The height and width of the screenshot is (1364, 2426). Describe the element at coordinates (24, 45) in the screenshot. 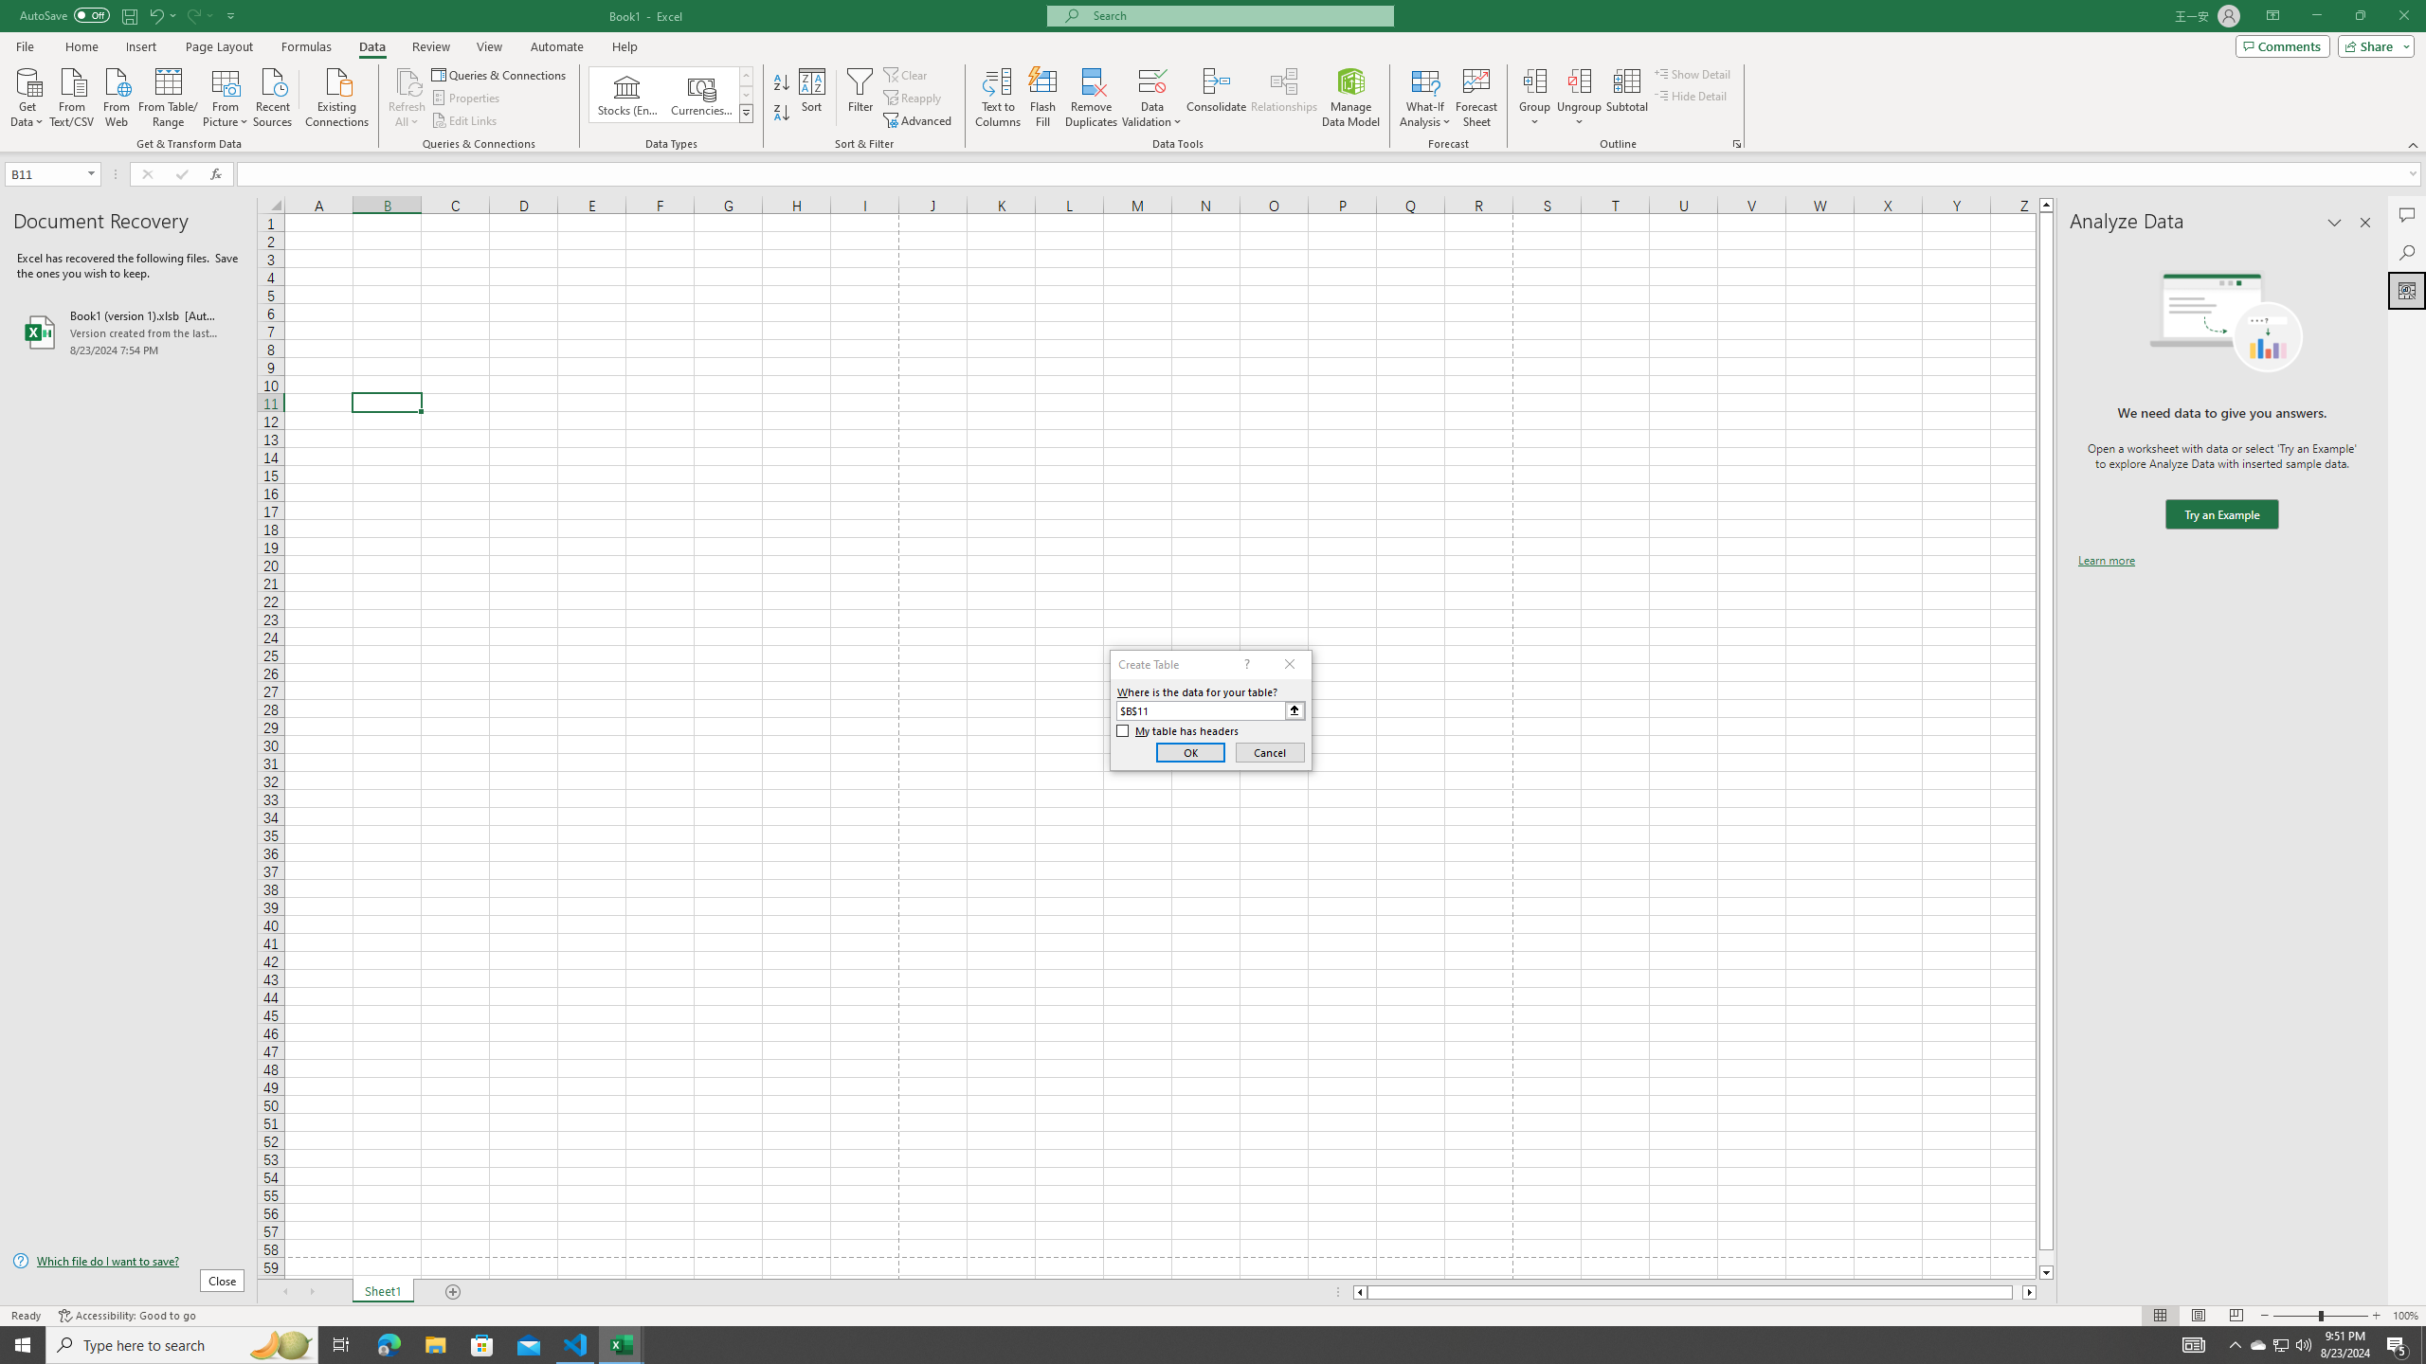

I see `'File Tab'` at that location.